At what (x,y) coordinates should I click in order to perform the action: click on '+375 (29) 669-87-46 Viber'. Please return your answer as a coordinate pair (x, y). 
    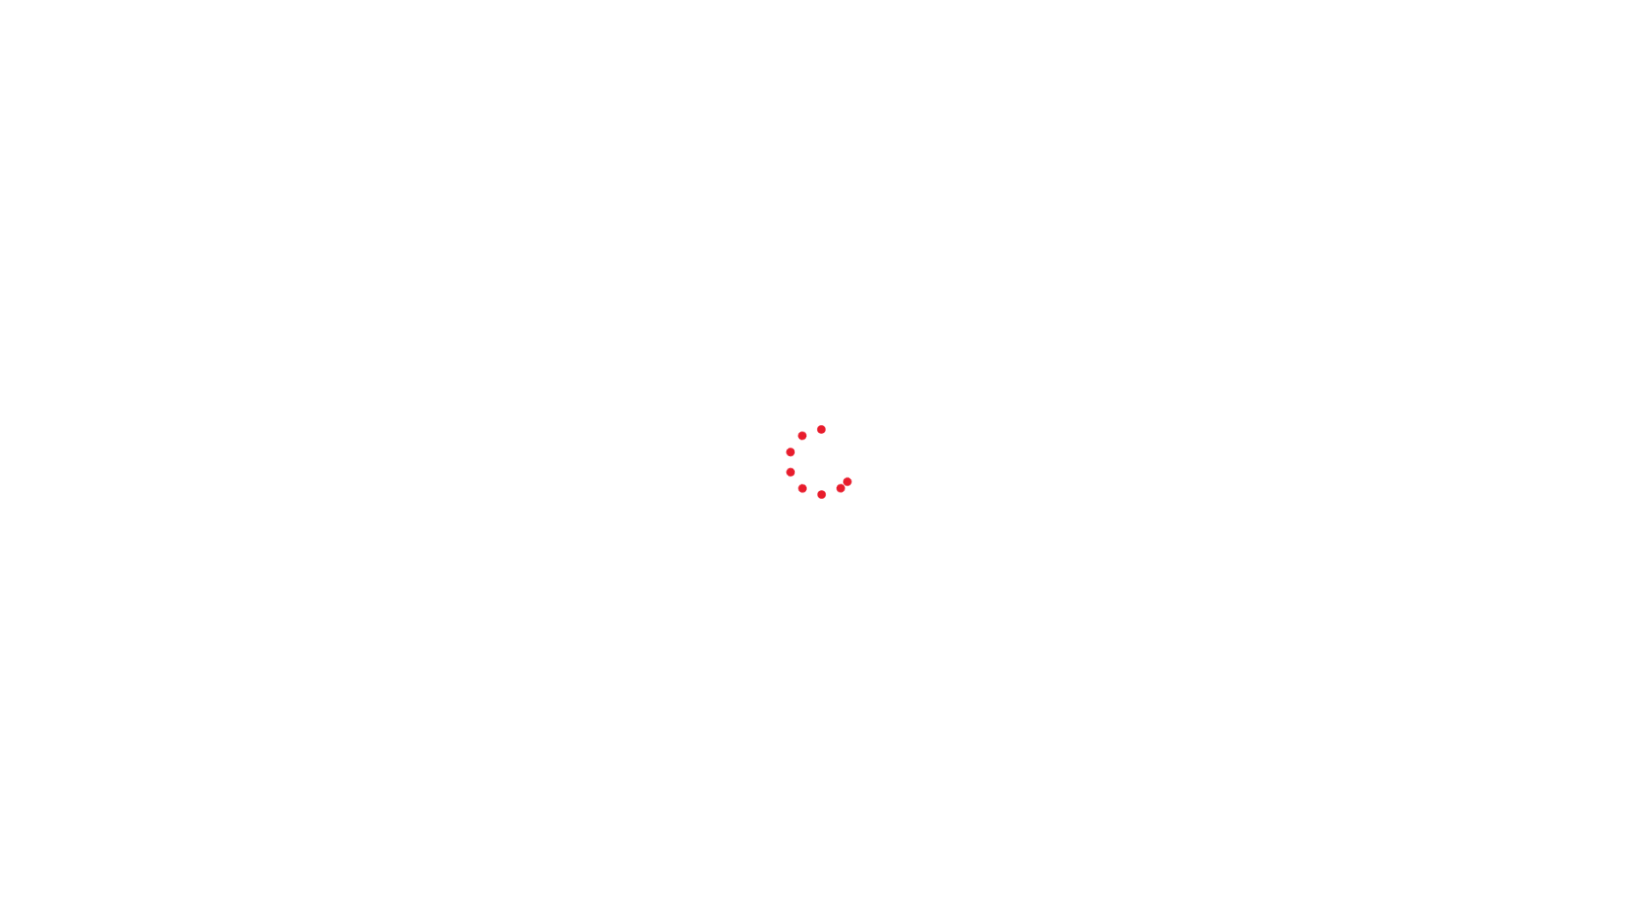
    Looking at the image, I should click on (1202, 68).